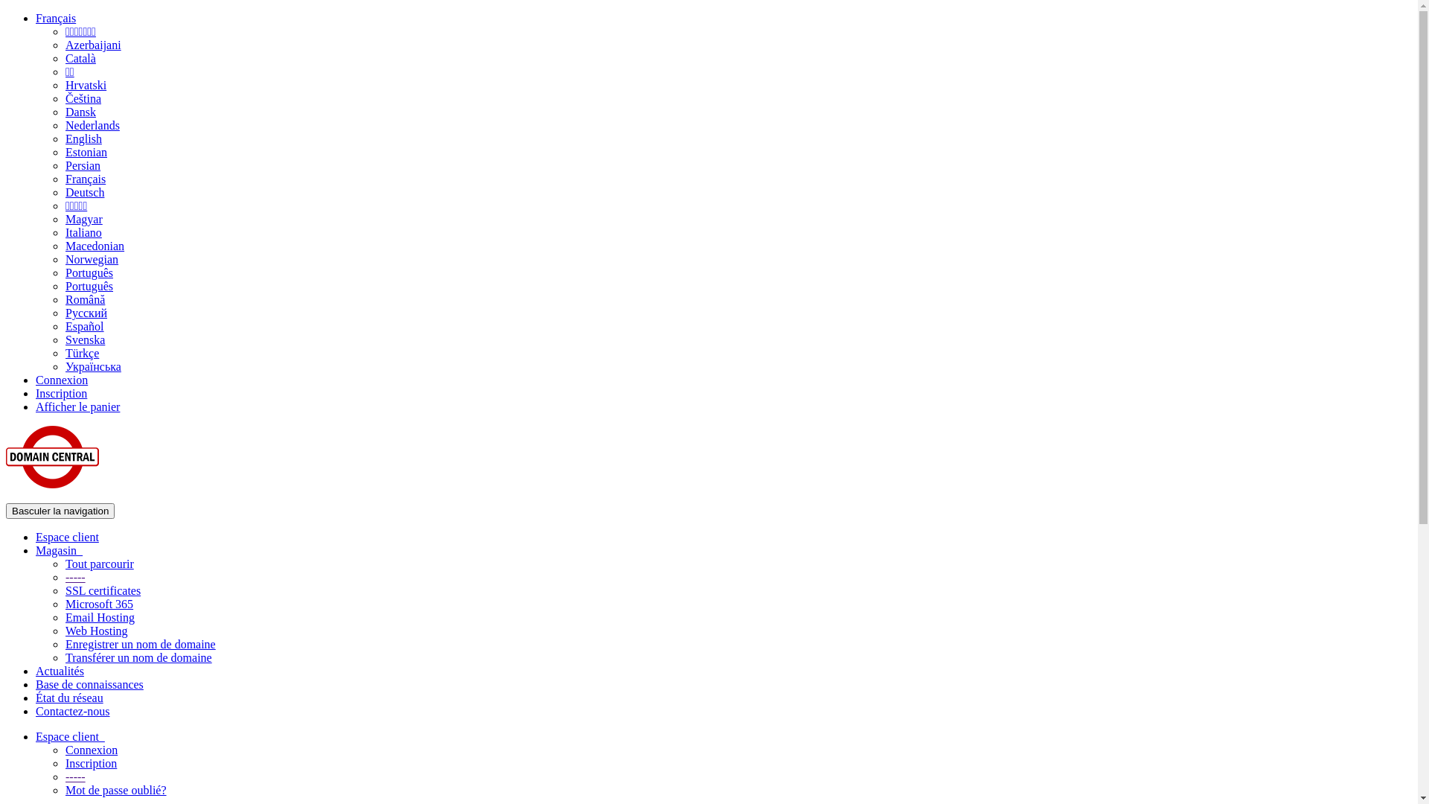 The image size is (1429, 804). Describe the element at coordinates (60, 392) in the screenshot. I see `'Inscription'` at that location.